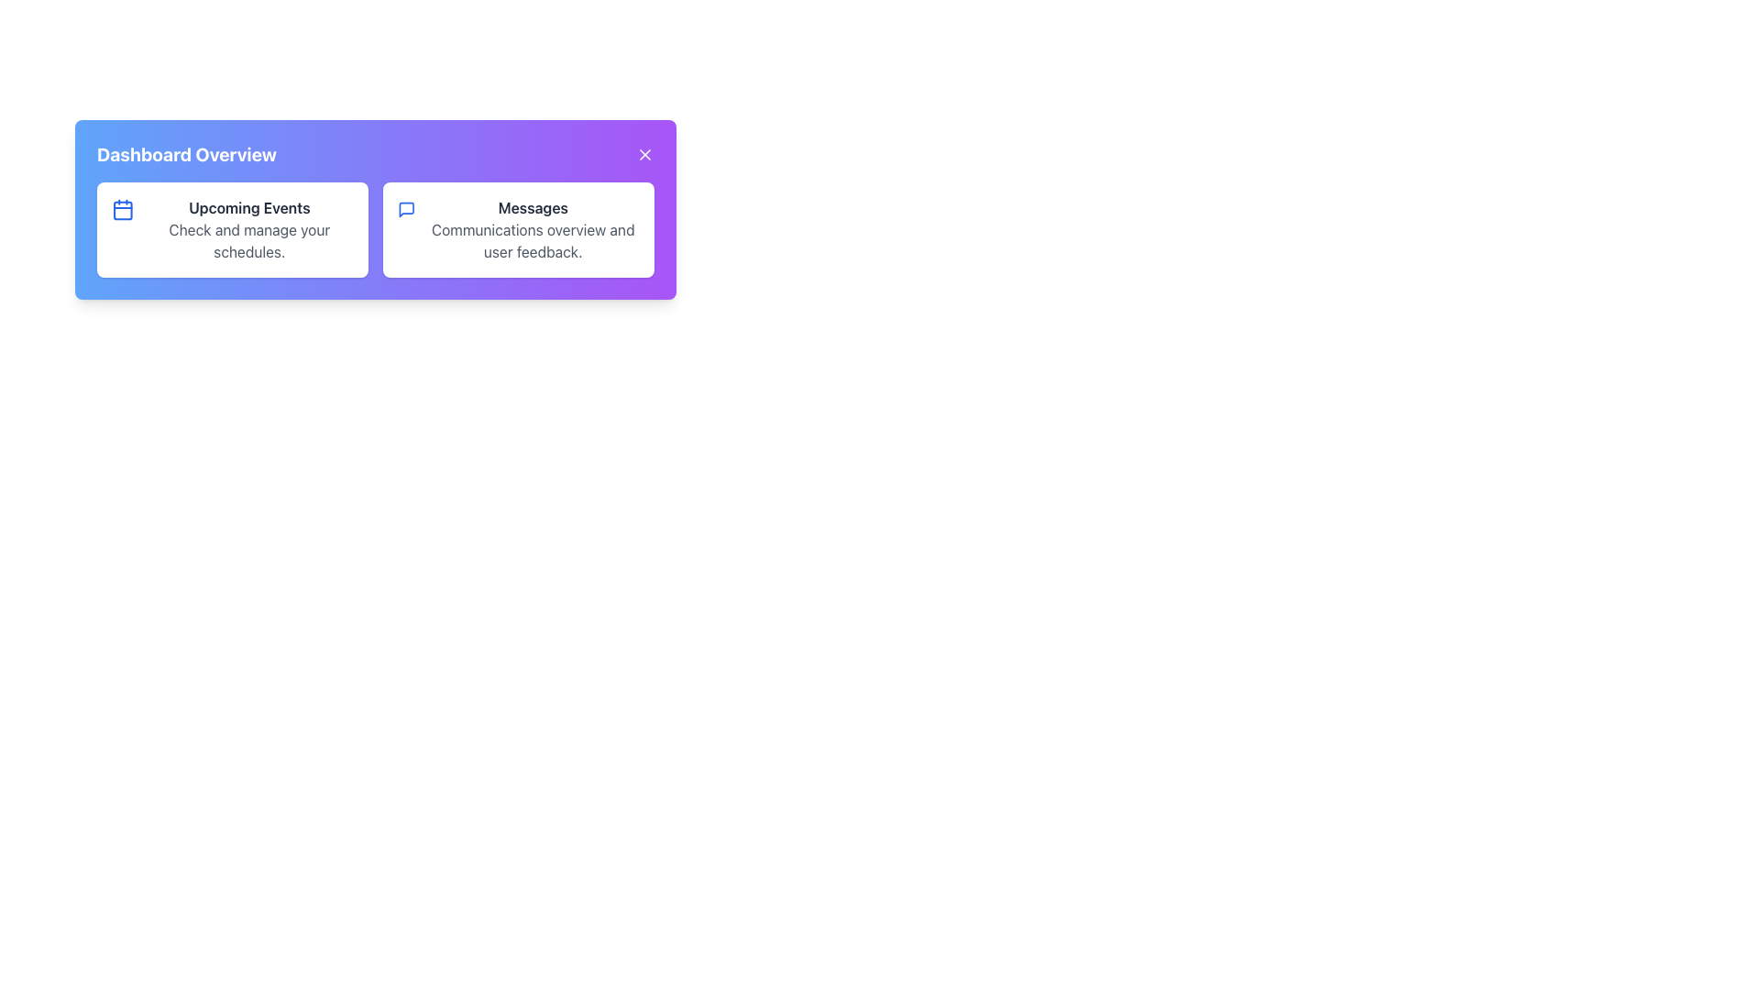 The height and width of the screenshot is (990, 1760). I want to click on the Text Label that provides supplementary information related to the 'Upcoming Events' section, located directly below the 'Upcoming Events' heading in the leftmost box of the purple header bar labeled 'Dashboard Overview', so click(248, 239).